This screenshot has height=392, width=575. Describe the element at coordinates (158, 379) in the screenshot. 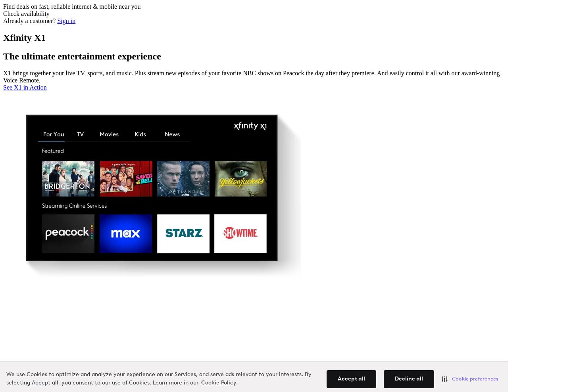

I see `'We use Cookies to optimize and analyze your experience on our Services, and serve ads relevant to your interests. By selecting Accept all, you consent to our use of Cookies. Learn more in our'` at that location.